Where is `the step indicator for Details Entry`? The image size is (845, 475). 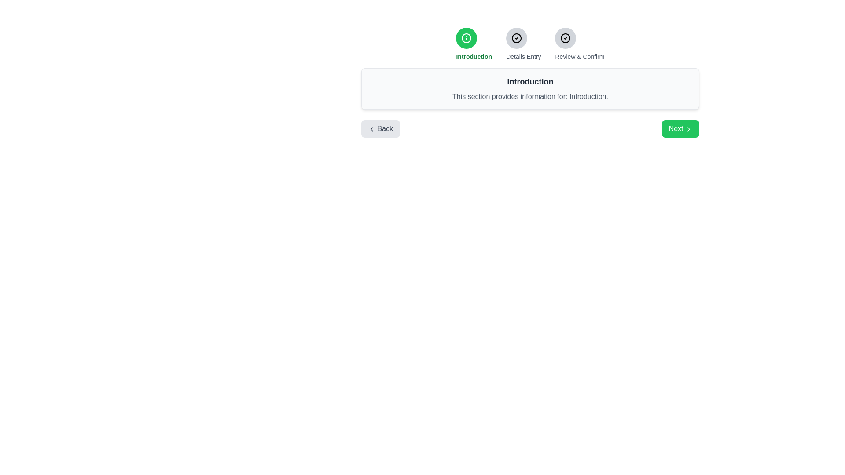
the step indicator for Details Entry is located at coordinates (517, 38).